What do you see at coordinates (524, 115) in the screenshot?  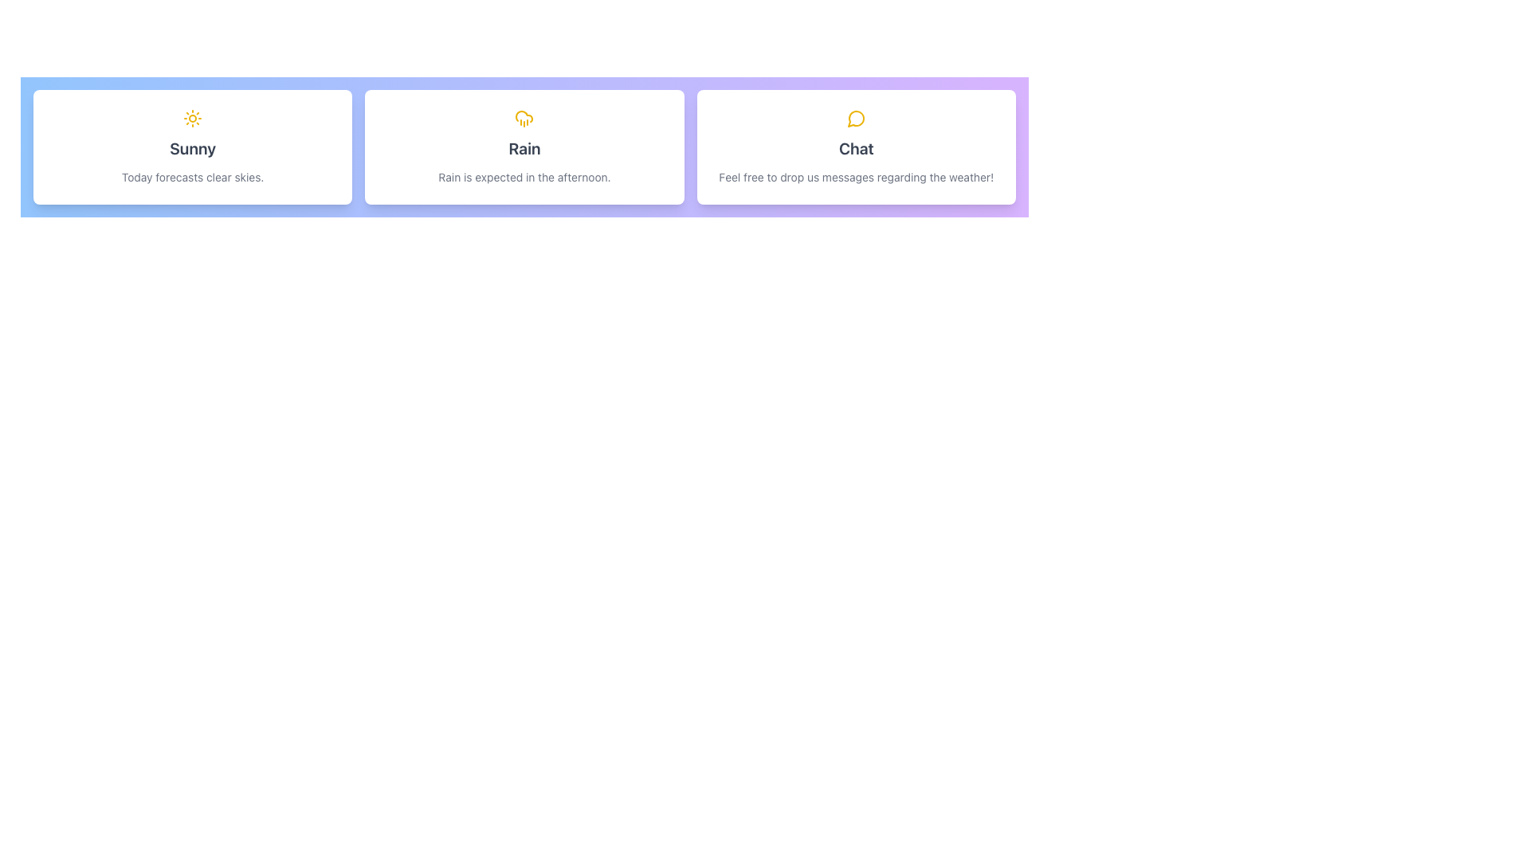 I see `the cloud icon with a rain pattern located in the upper section of the 'Rain' card for accessibility tools` at bounding box center [524, 115].